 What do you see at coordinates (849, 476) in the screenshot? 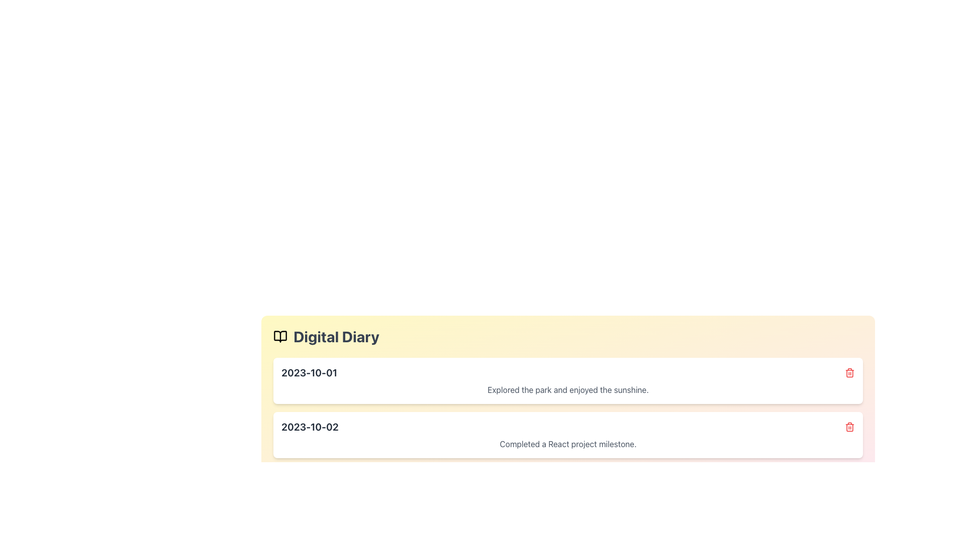
I see `the circular button with a plus symbol located in the bottom-right corner of the 'Digital Diary' section` at bounding box center [849, 476].